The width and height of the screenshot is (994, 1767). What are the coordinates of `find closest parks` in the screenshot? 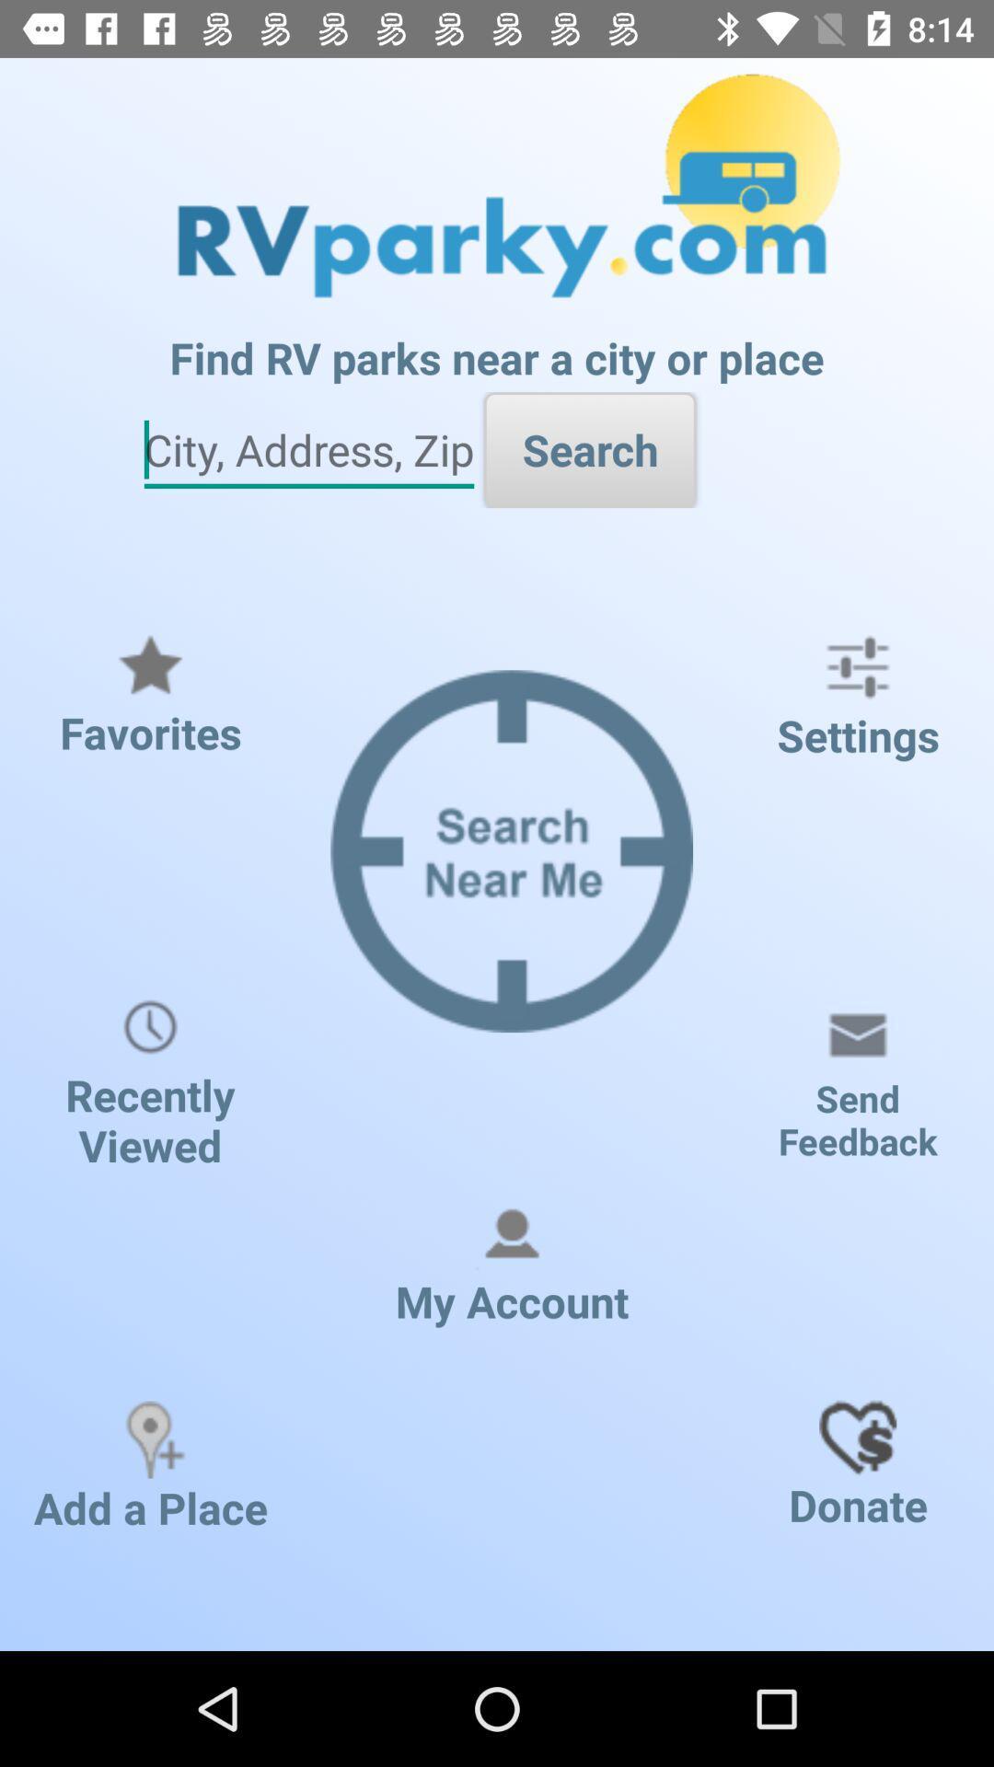 It's located at (307, 450).